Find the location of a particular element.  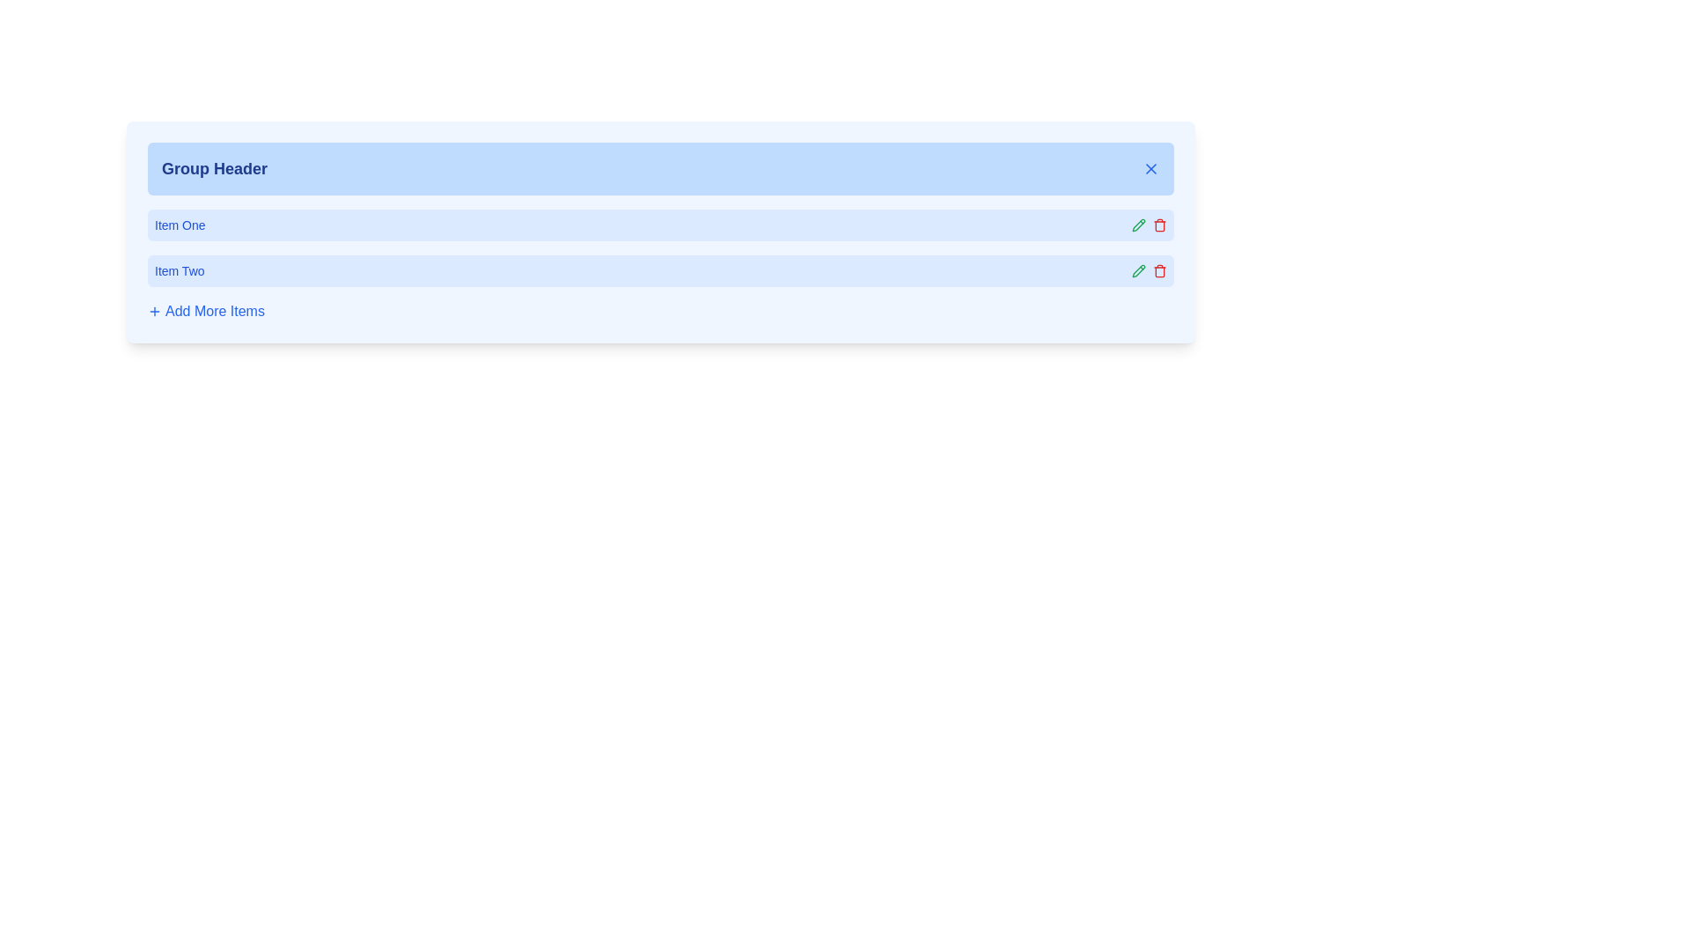

the delete button located to the right of the second list item ('Item Two') is located at coordinates (1160, 271).